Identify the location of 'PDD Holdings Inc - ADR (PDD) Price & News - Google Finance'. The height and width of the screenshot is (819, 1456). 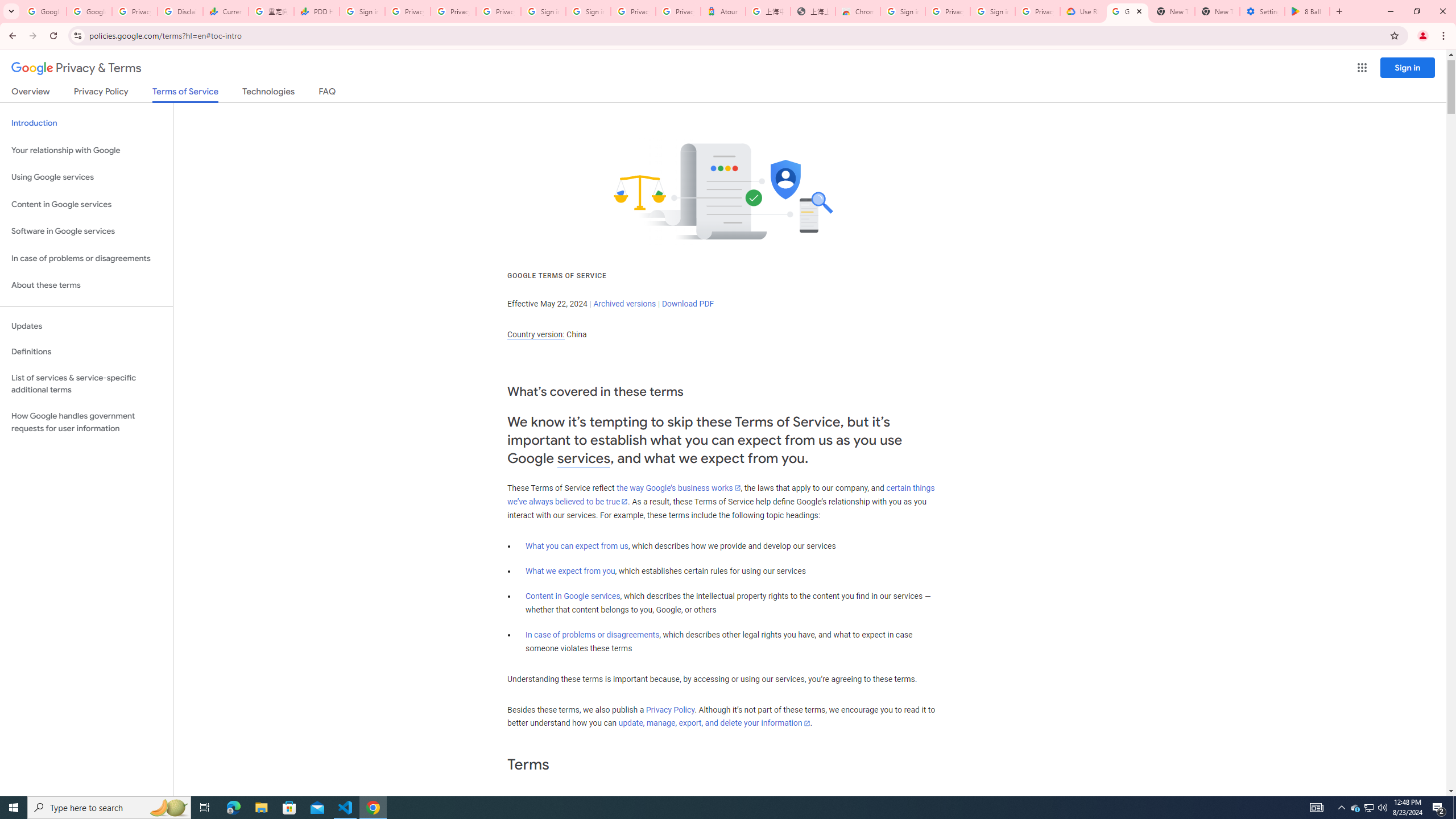
(316, 11).